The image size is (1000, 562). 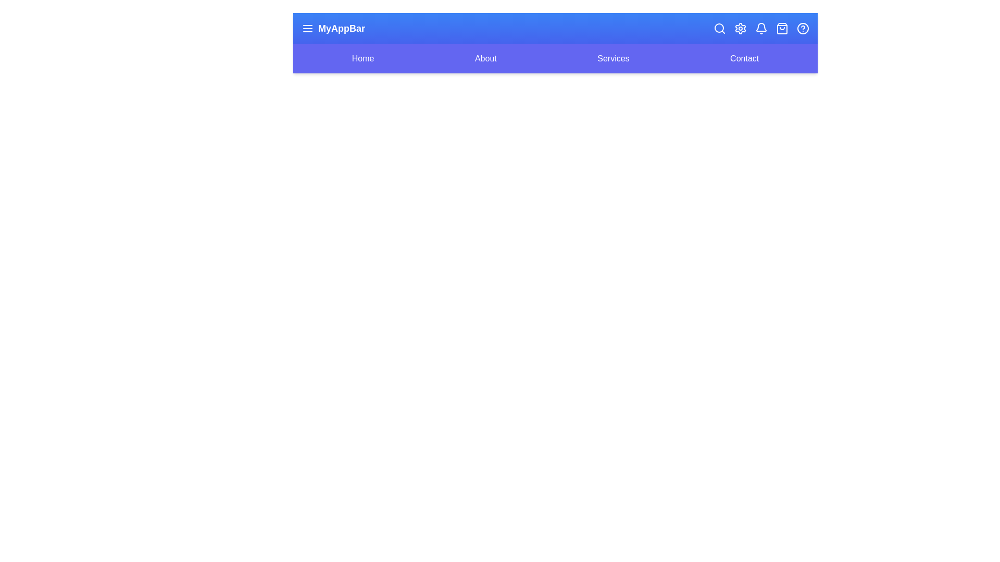 What do you see at coordinates (362, 58) in the screenshot?
I see `the navigation link labeled 'Home'` at bounding box center [362, 58].